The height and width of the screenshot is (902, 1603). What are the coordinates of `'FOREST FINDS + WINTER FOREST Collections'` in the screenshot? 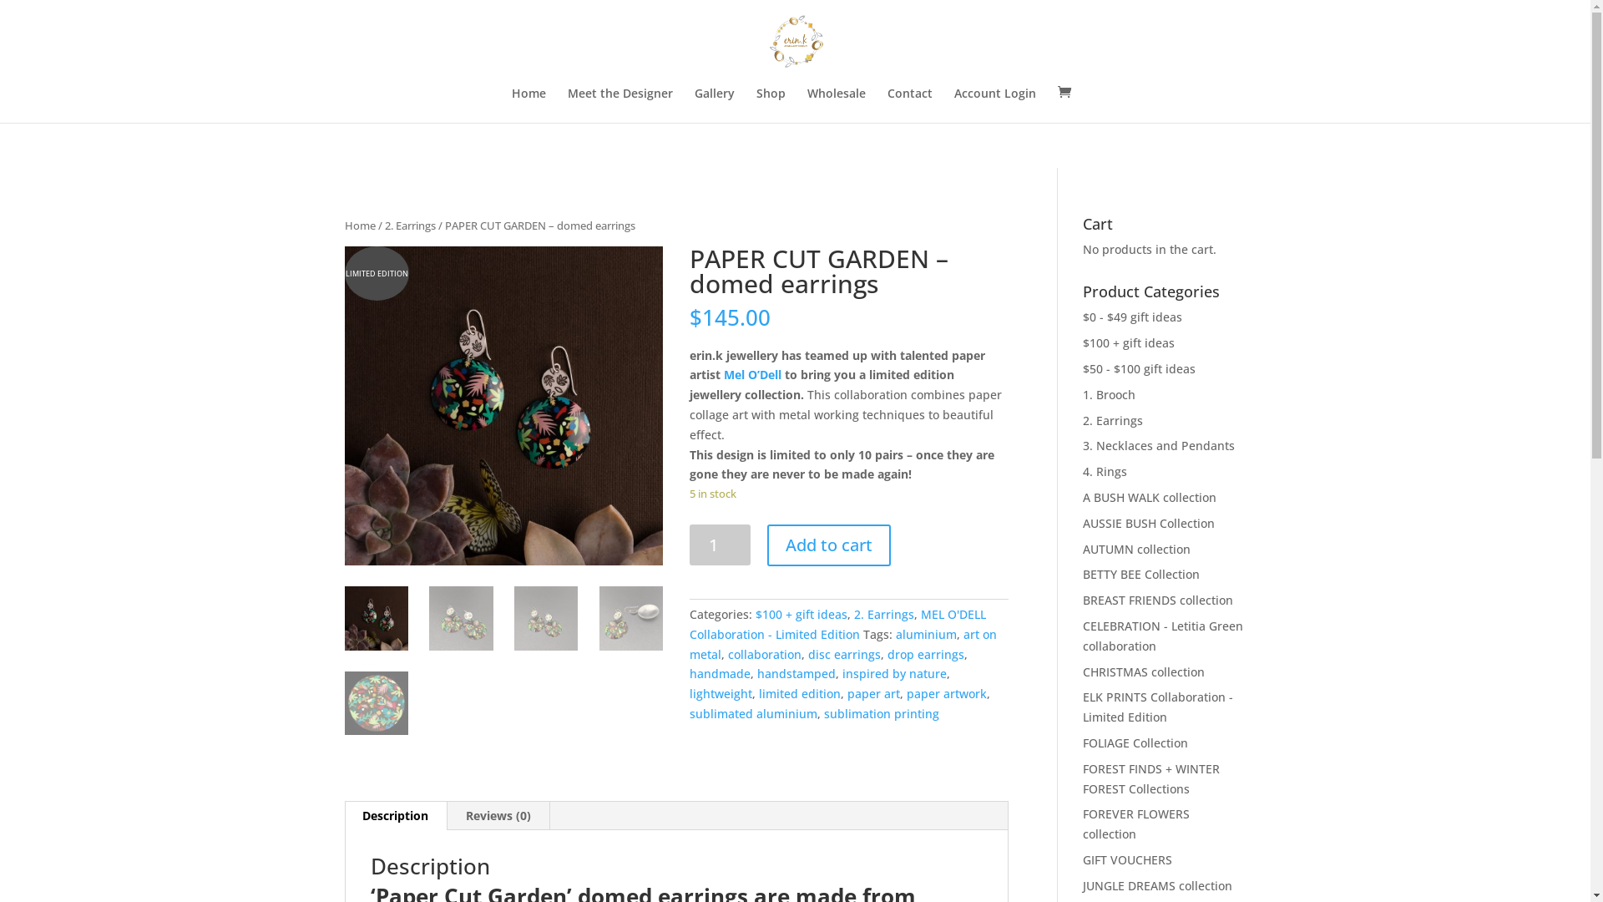 It's located at (1150, 778).